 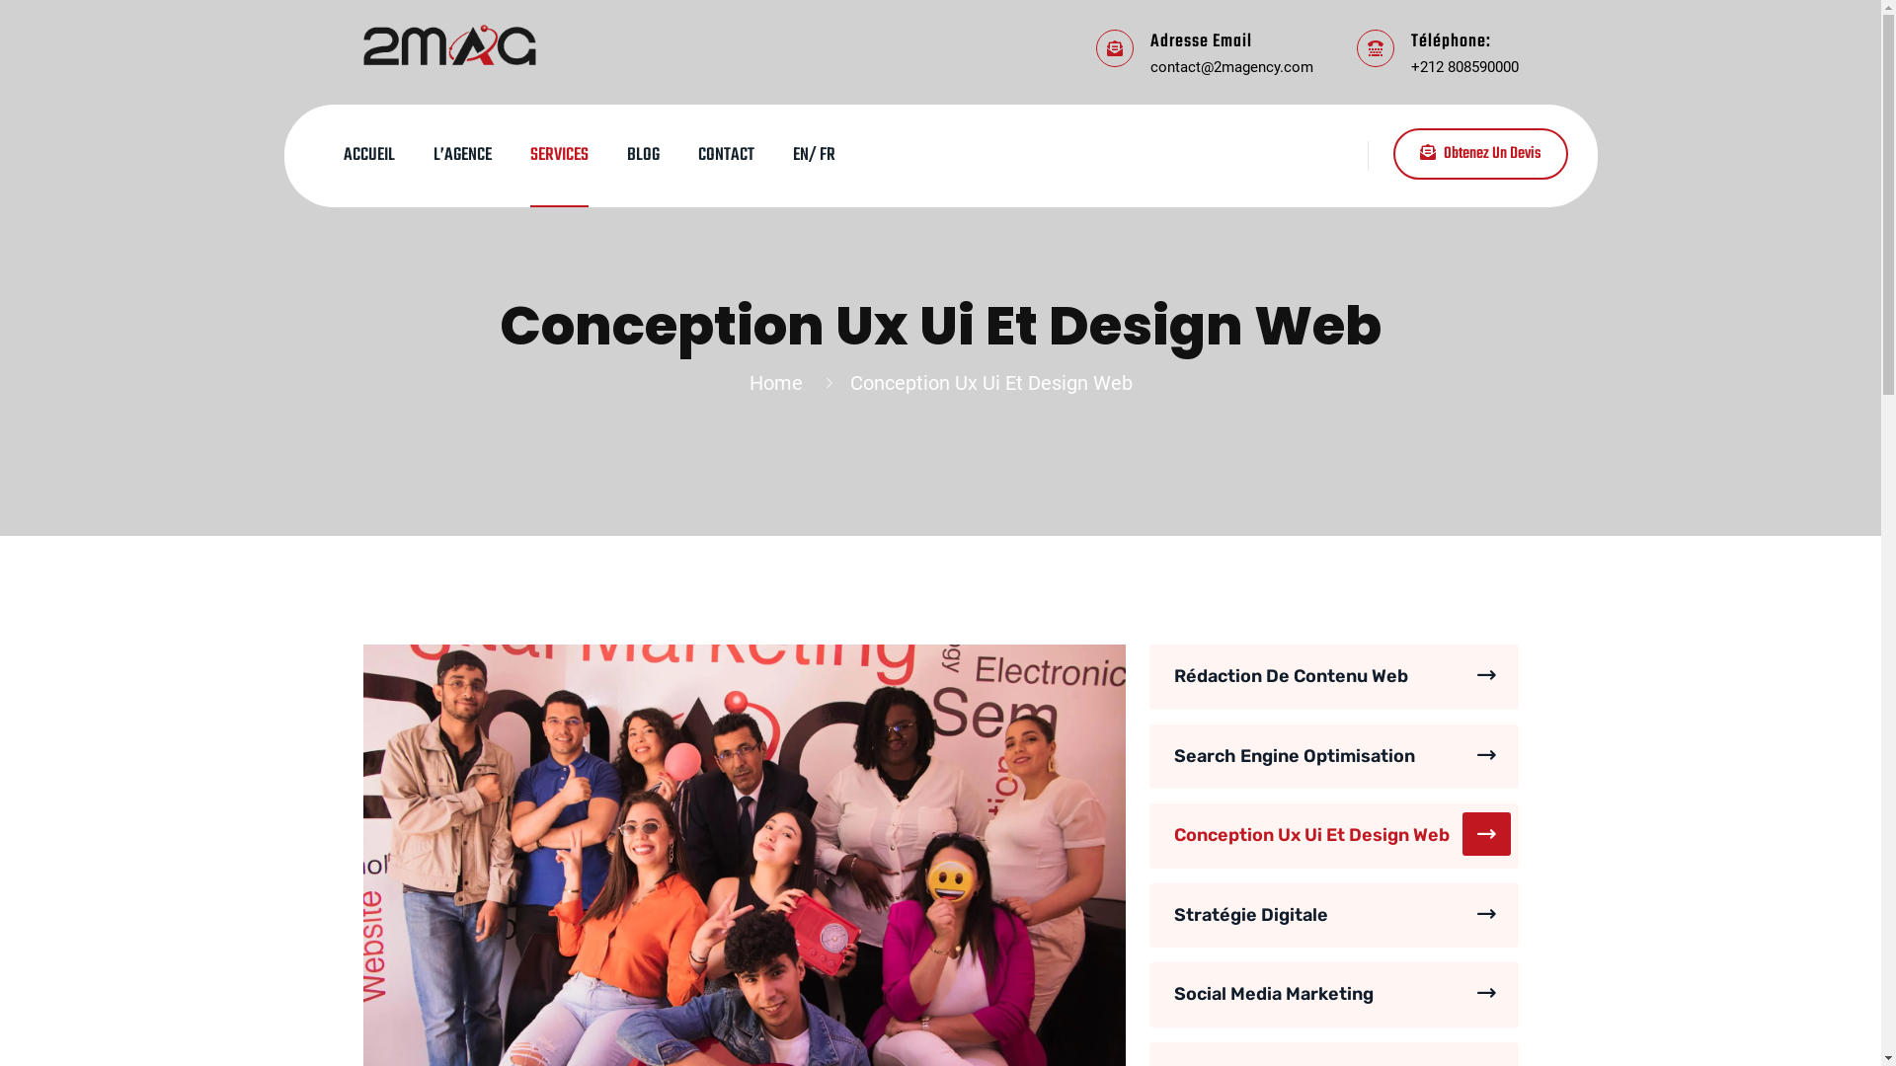 I want to click on 'Obtenez Un Devis', so click(x=1479, y=152).